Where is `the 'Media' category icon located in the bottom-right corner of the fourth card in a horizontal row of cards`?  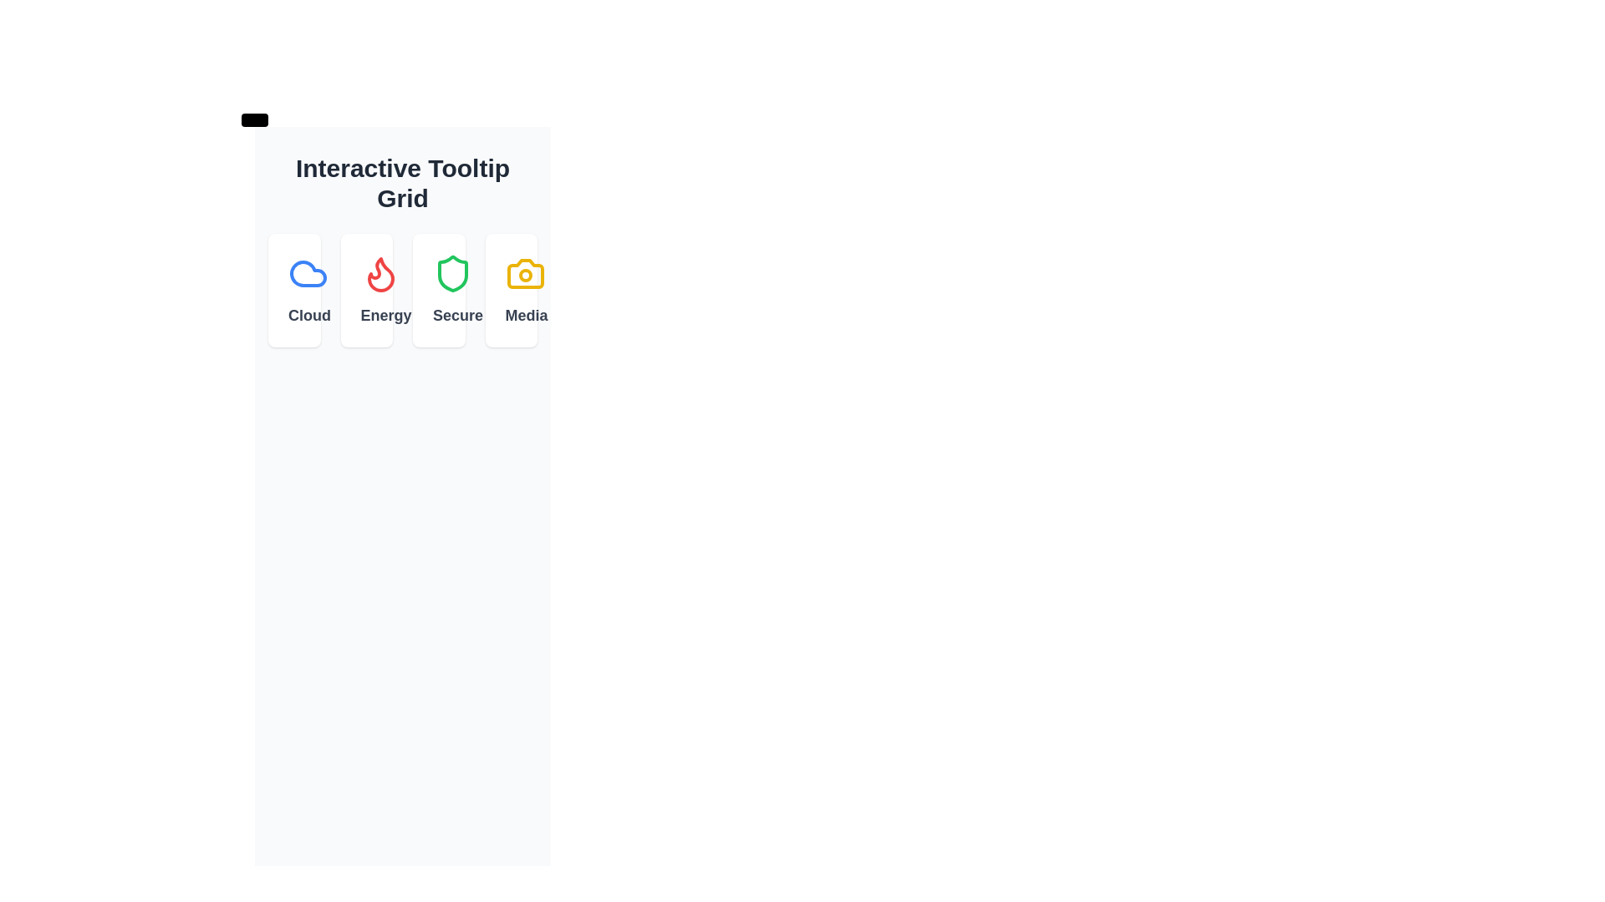 the 'Media' category icon located in the bottom-right corner of the fourth card in a horizontal row of cards is located at coordinates (524, 272).